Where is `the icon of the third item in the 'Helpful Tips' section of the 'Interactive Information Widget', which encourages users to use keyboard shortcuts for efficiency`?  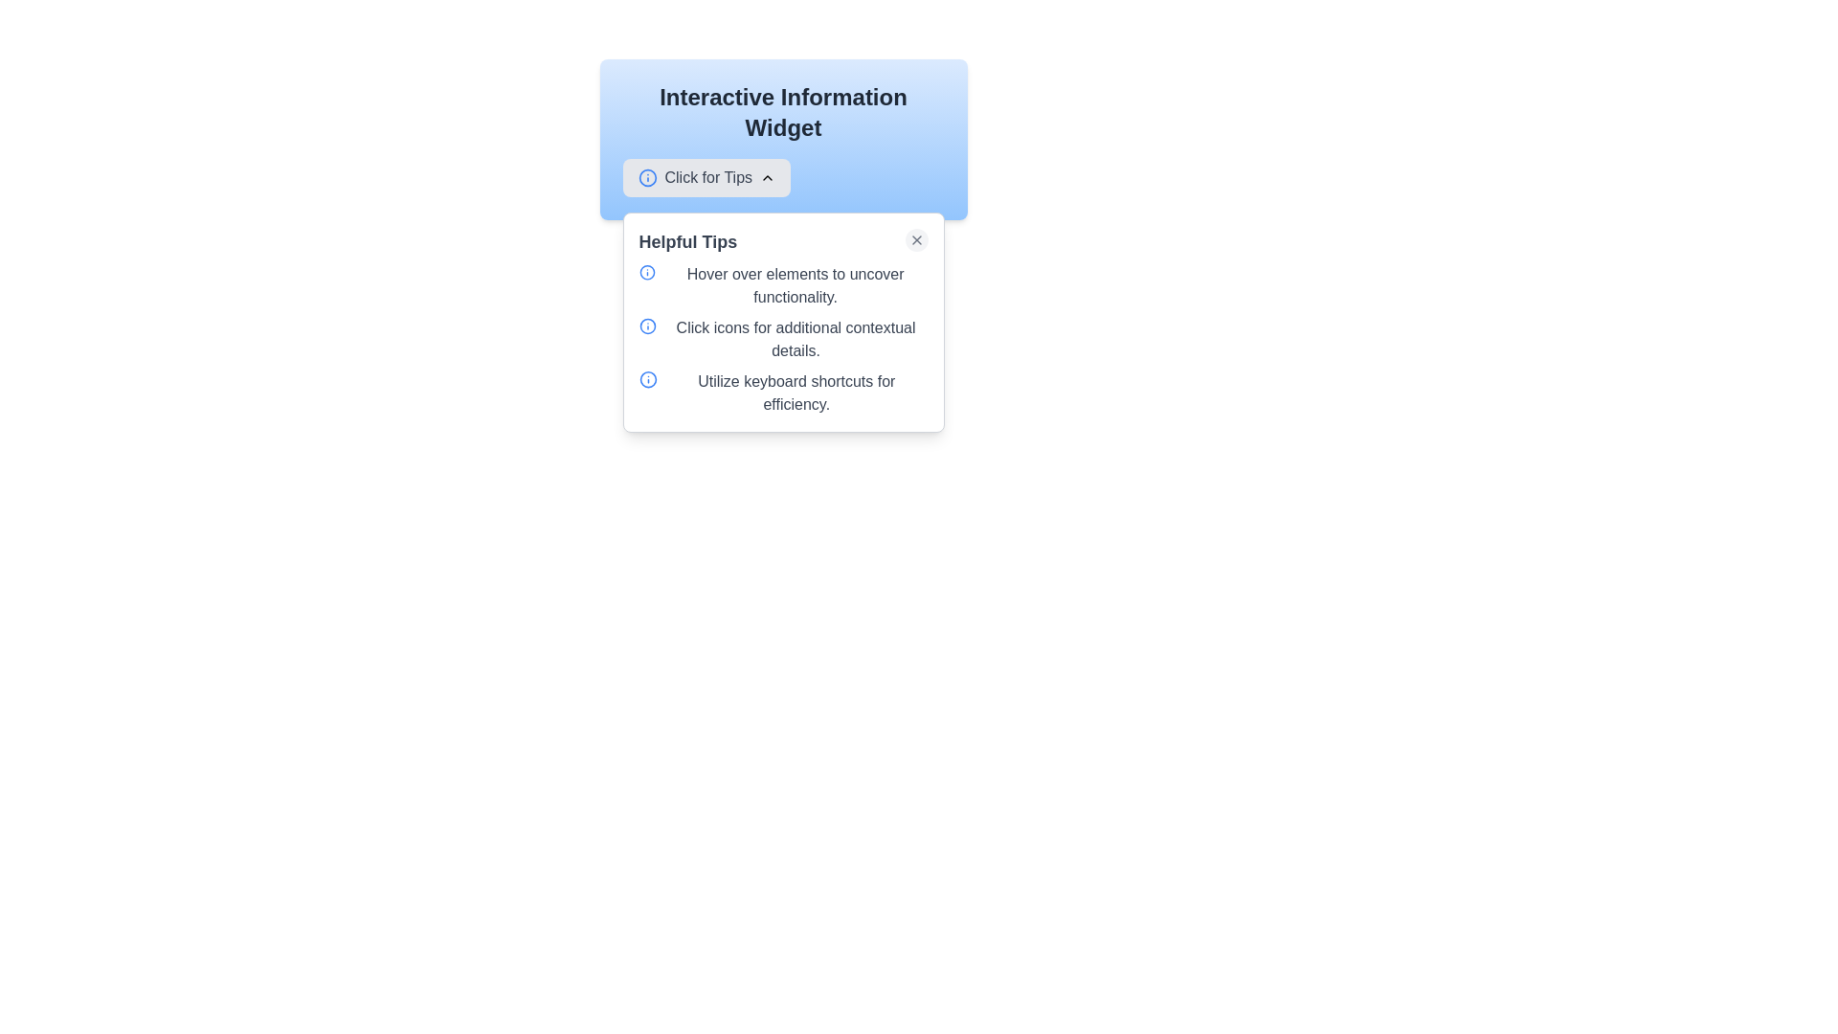 the icon of the third item in the 'Helpful Tips' section of the 'Interactive Information Widget', which encourages users to use keyboard shortcuts for efficiency is located at coordinates (783, 393).